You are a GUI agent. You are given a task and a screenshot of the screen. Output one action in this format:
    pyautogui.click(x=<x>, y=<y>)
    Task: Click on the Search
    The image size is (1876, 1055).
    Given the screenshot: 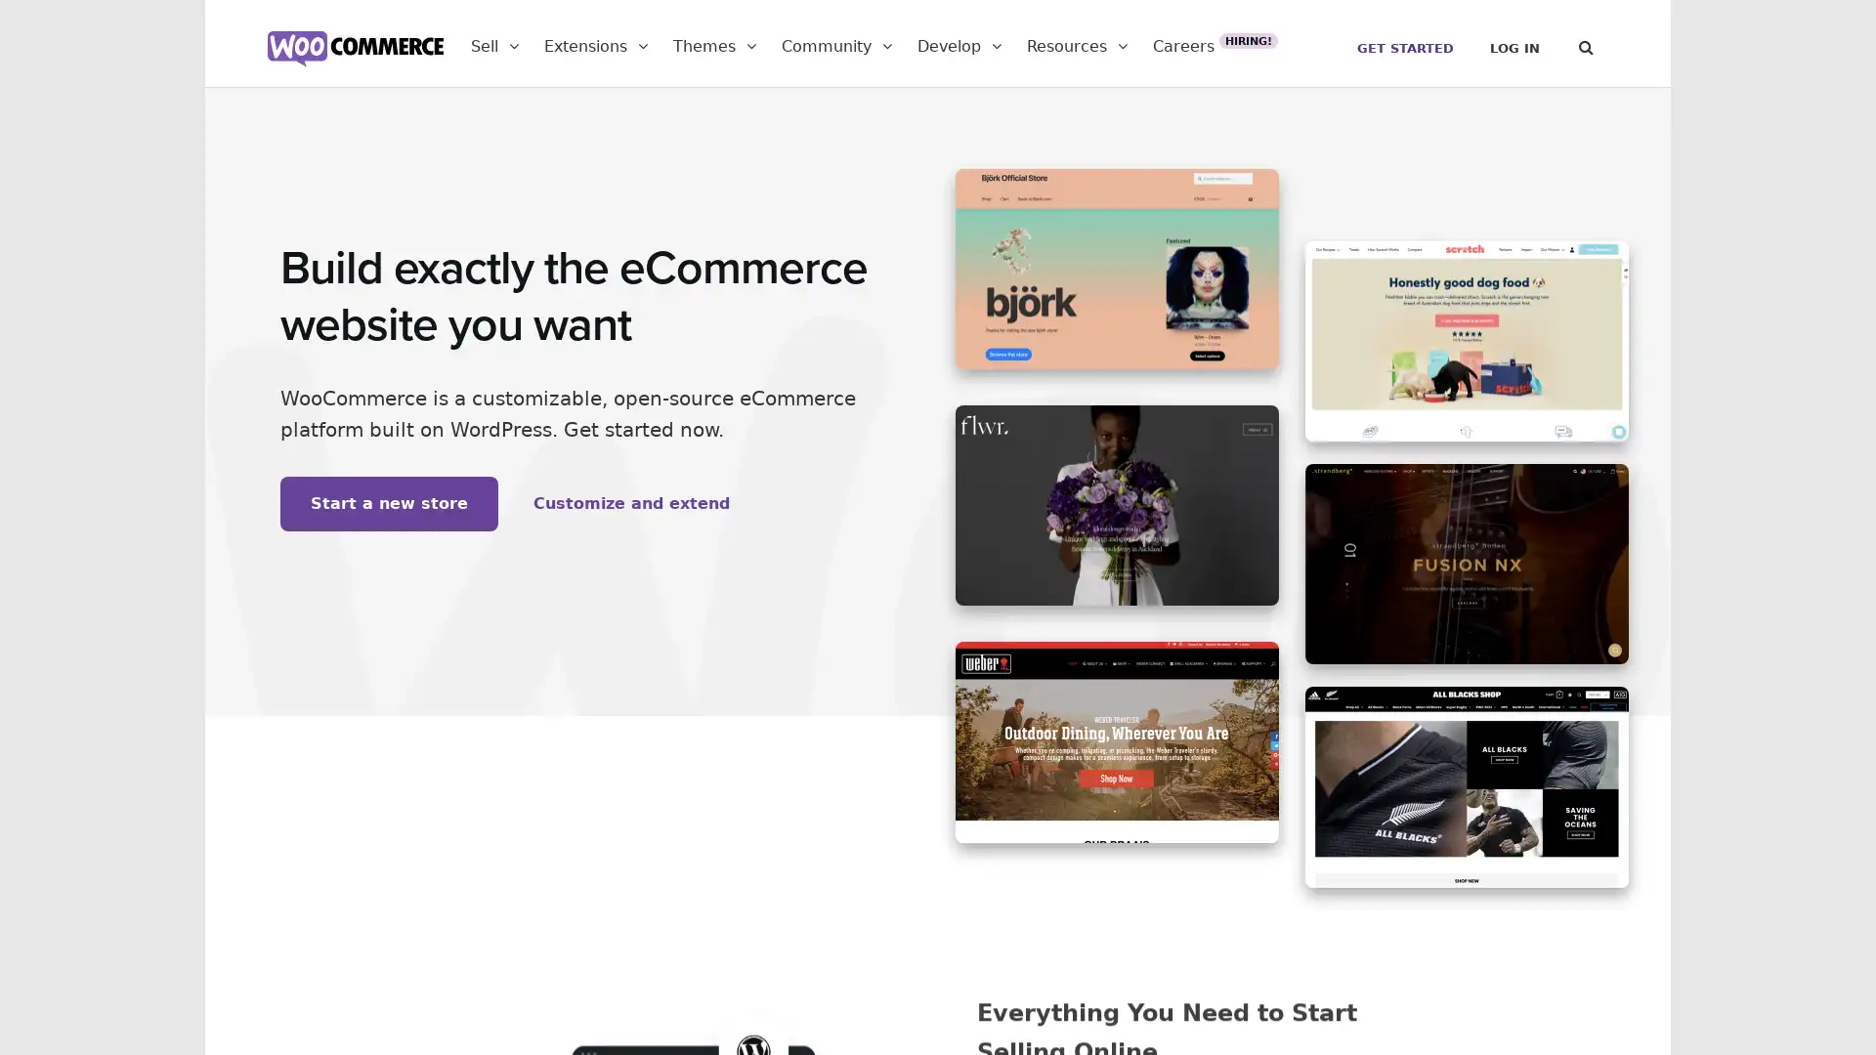 What is the action you would take?
    pyautogui.click(x=1586, y=47)
    